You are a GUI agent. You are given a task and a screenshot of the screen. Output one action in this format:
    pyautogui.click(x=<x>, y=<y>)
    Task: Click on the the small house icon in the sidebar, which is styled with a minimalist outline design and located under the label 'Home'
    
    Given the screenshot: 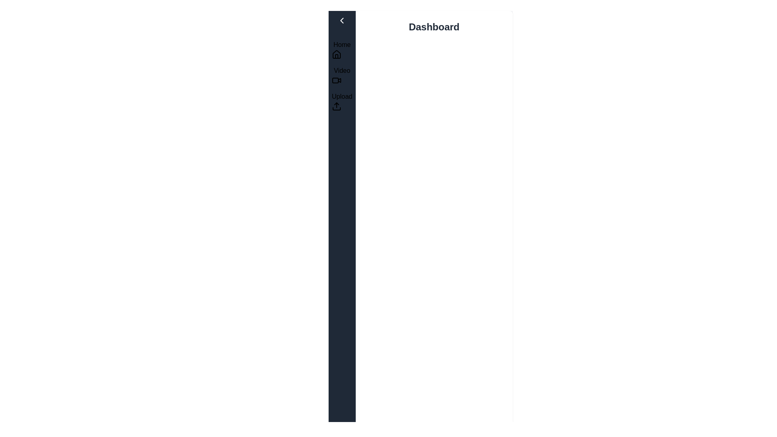 What is the action you would take?
    pyautogui.click(x=336, y=55)
    